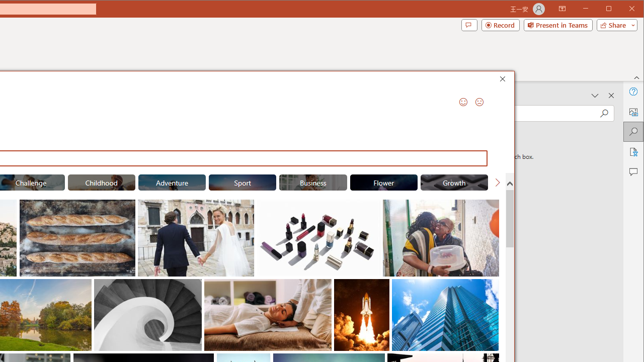  What do you see at coordinates (383, 182) in the screenshot?
I see `'"Flower" Stock Images.'` at bounding box center [383, 182].